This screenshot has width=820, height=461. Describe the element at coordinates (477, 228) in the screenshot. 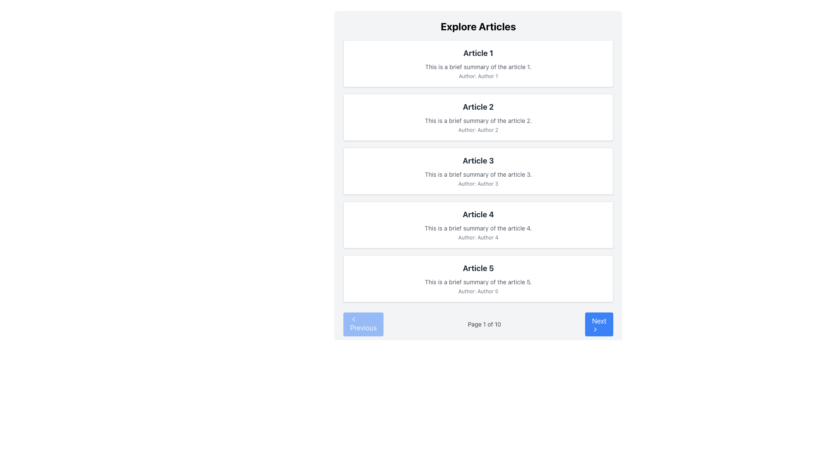

I see `static text label that contains the summary for 'Article 4', located below the title and above the author label` at that location.